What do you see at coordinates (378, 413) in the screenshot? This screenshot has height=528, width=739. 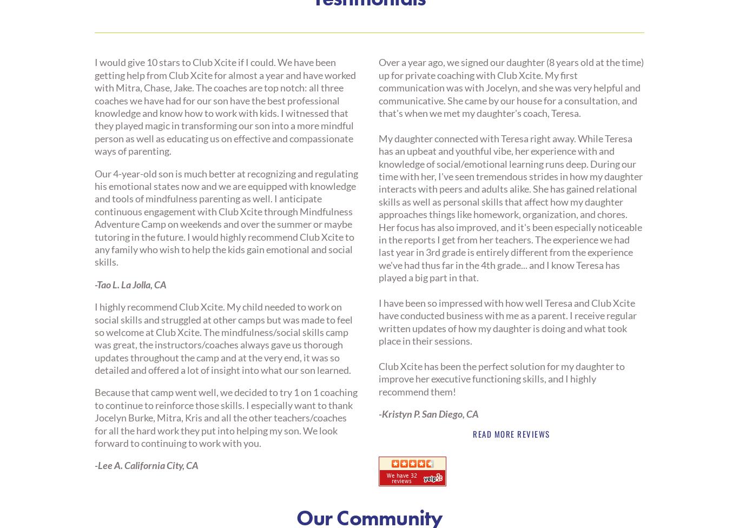 I see `'-Kristyn P. San Diego, CA'` at bounding box center [378, 413].